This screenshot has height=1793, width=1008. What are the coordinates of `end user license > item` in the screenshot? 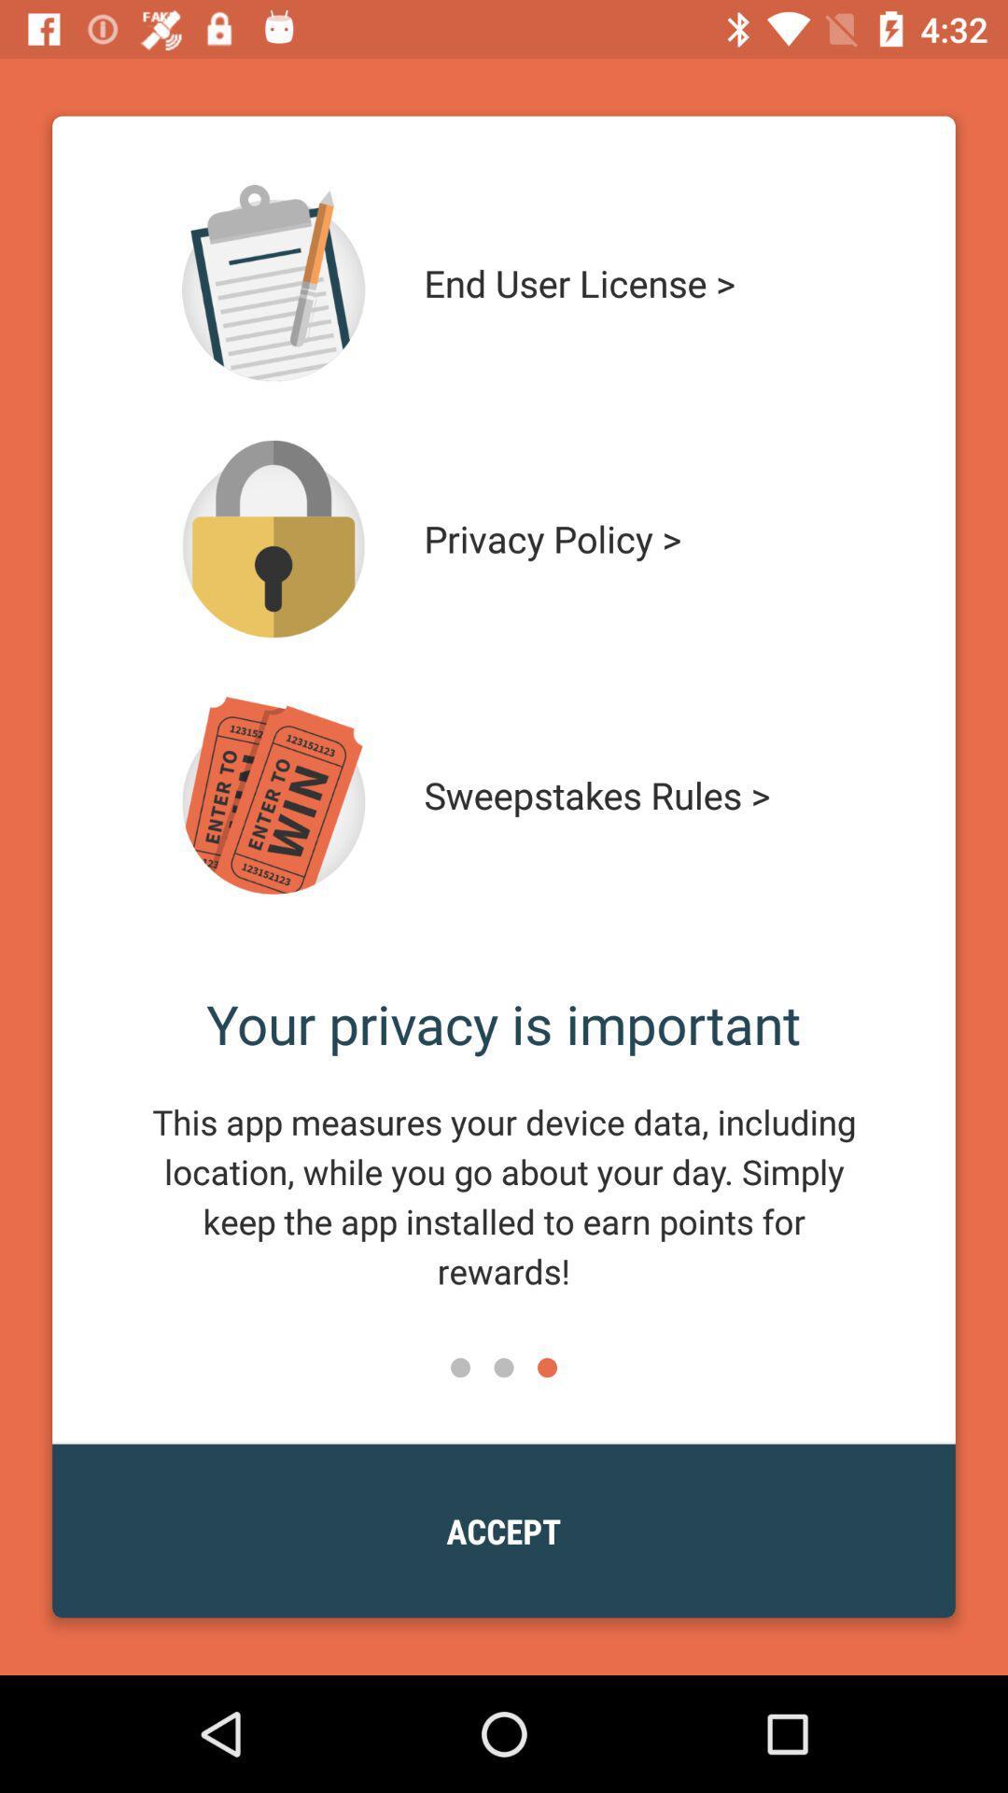 It's located at (632, 282).